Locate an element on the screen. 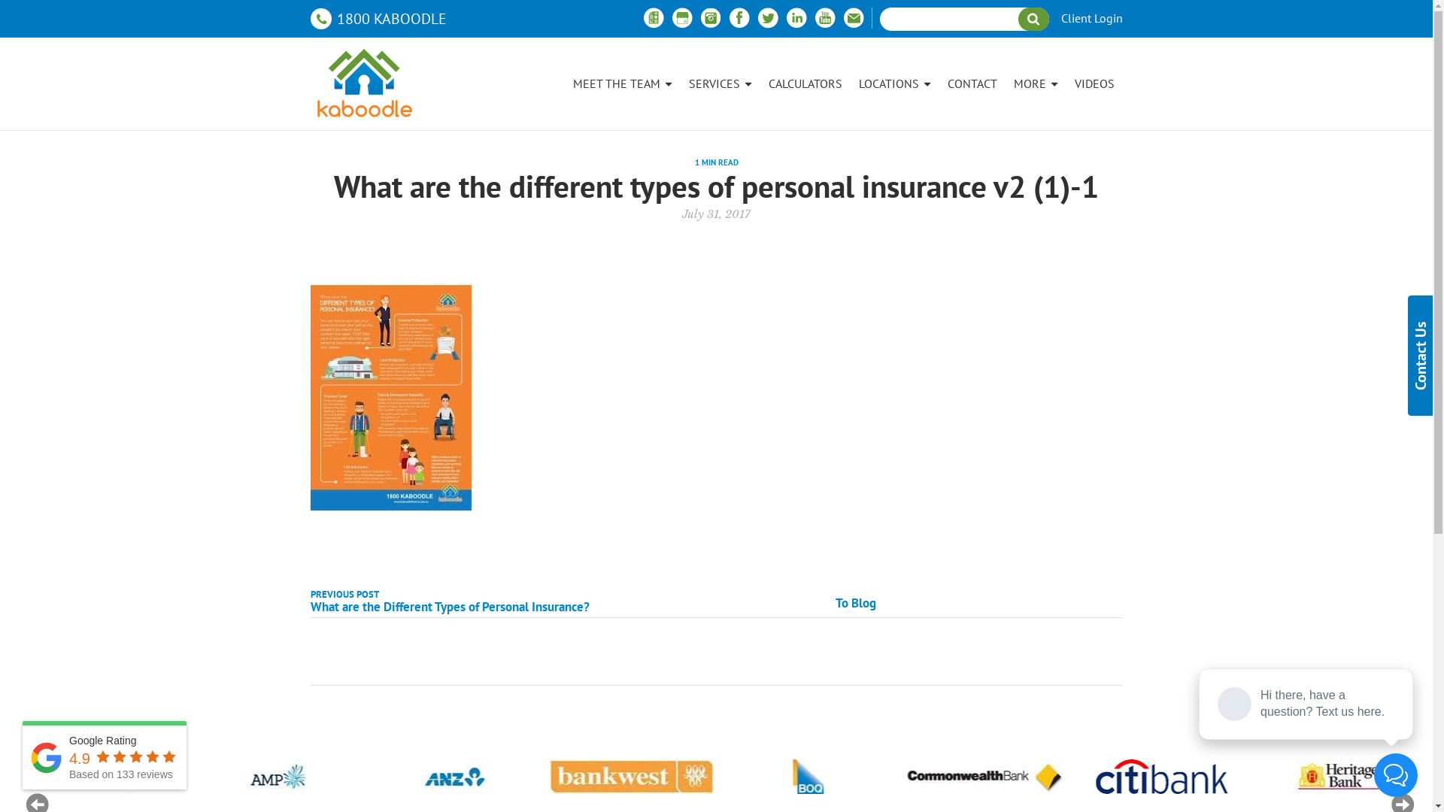 The image size is (1444, 812). 'CONTACT' is located at coordinates (971, 83).